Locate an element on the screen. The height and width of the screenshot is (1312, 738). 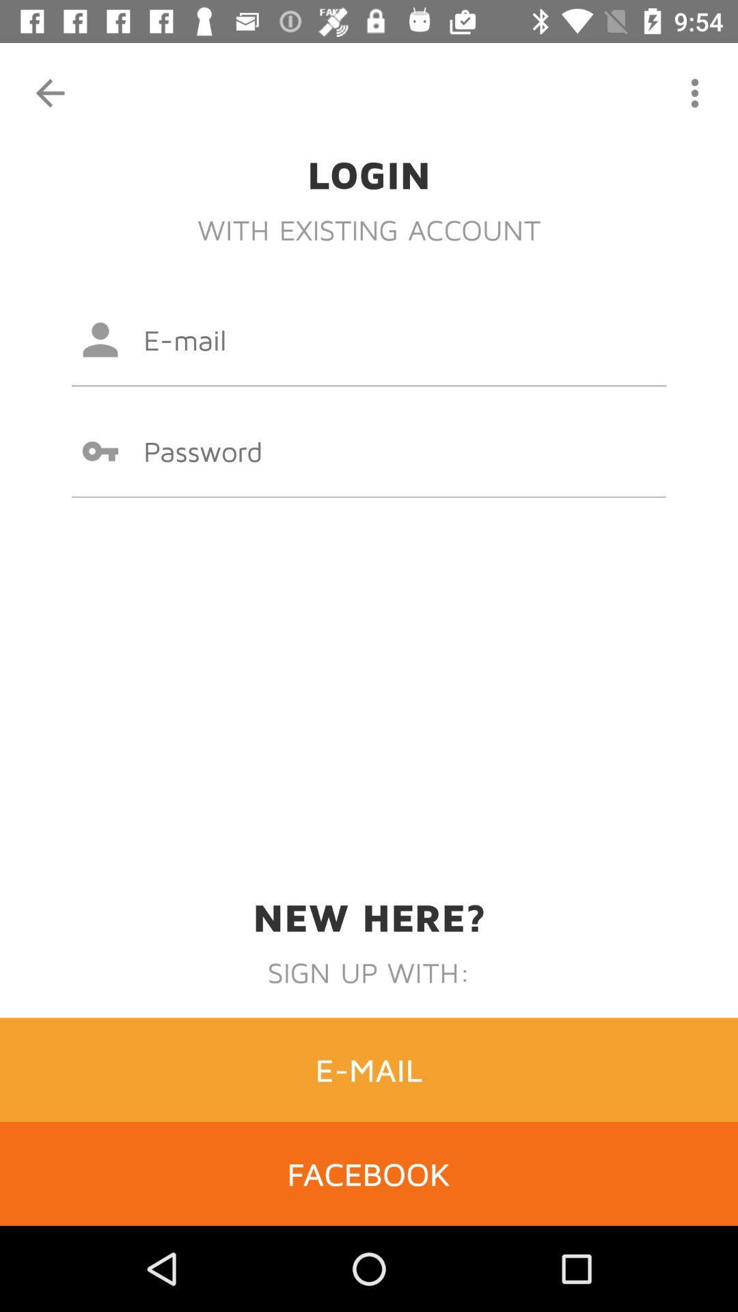
icon at the top left corner is located at coordinates (49, 92).